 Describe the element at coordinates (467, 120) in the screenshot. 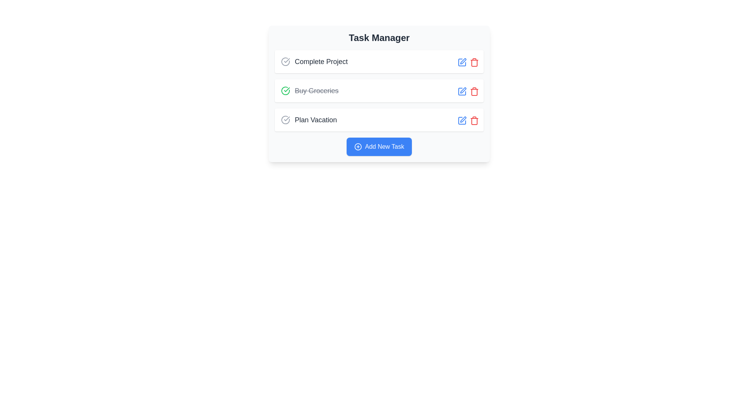

I see `the red trashcan icon in the action controls for the 'Plan Vacation' task row` at that location.